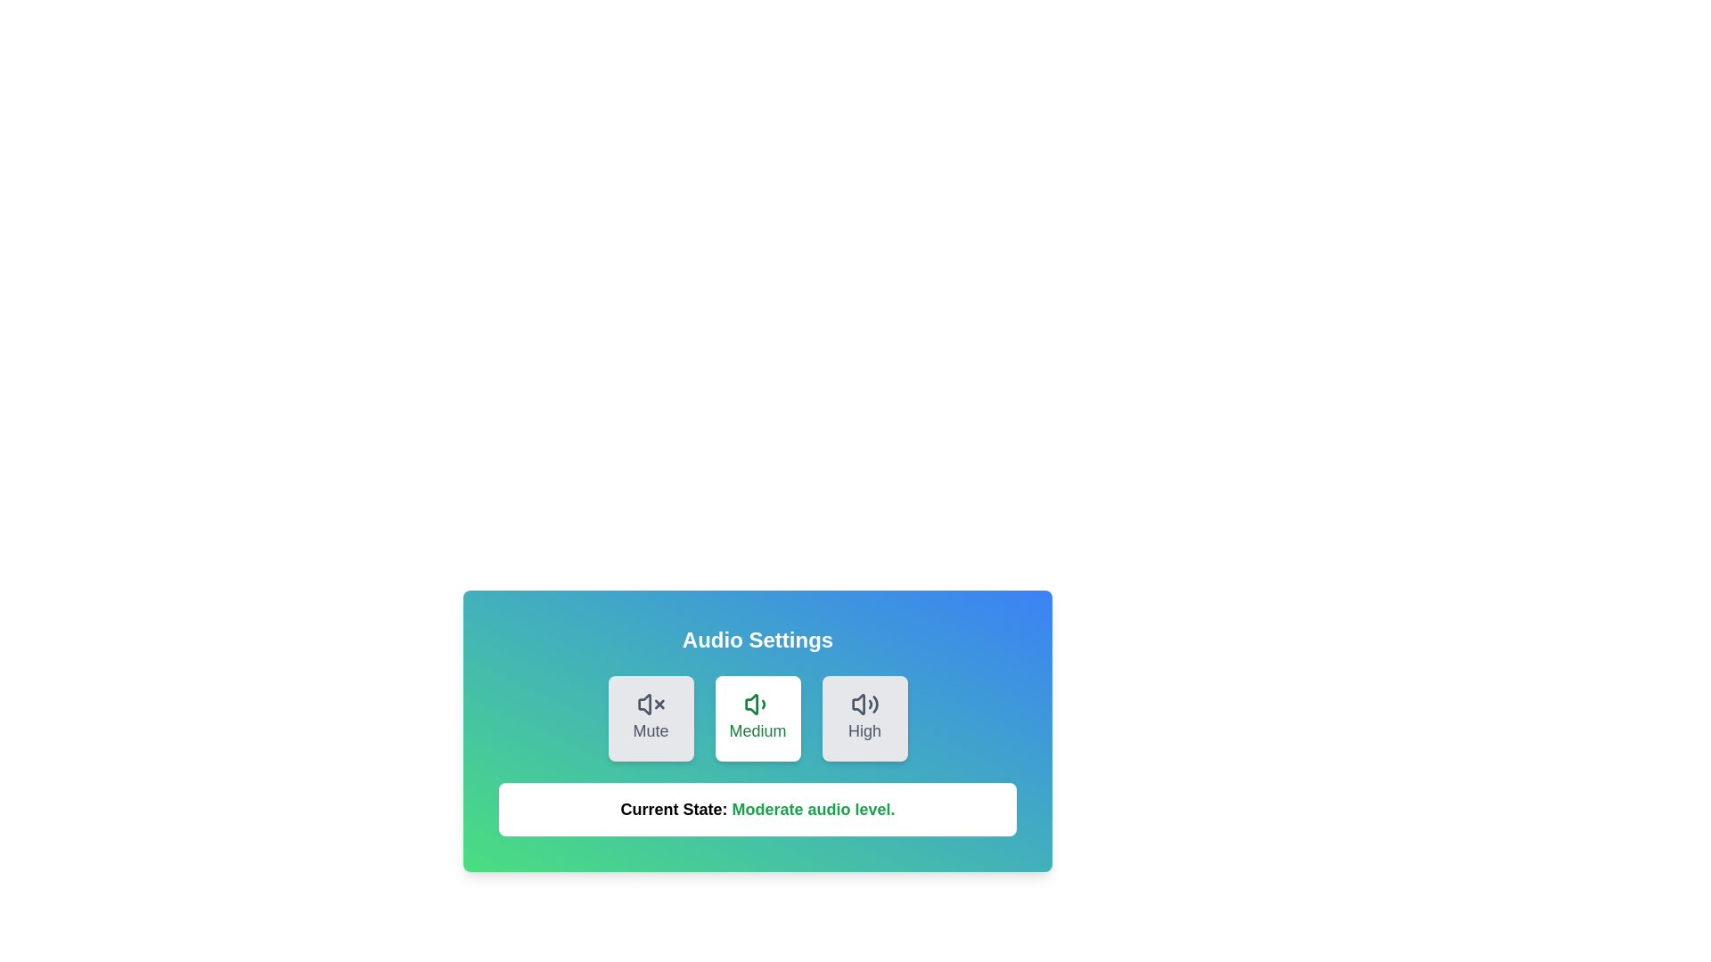 Image resolution: width=1711 pixels, height=962 pixels. What do you see at coordinates (864, 717) in the screenshot?
I see `the button corresponding to the desired volume level: High` at bounding box center [864, 717].